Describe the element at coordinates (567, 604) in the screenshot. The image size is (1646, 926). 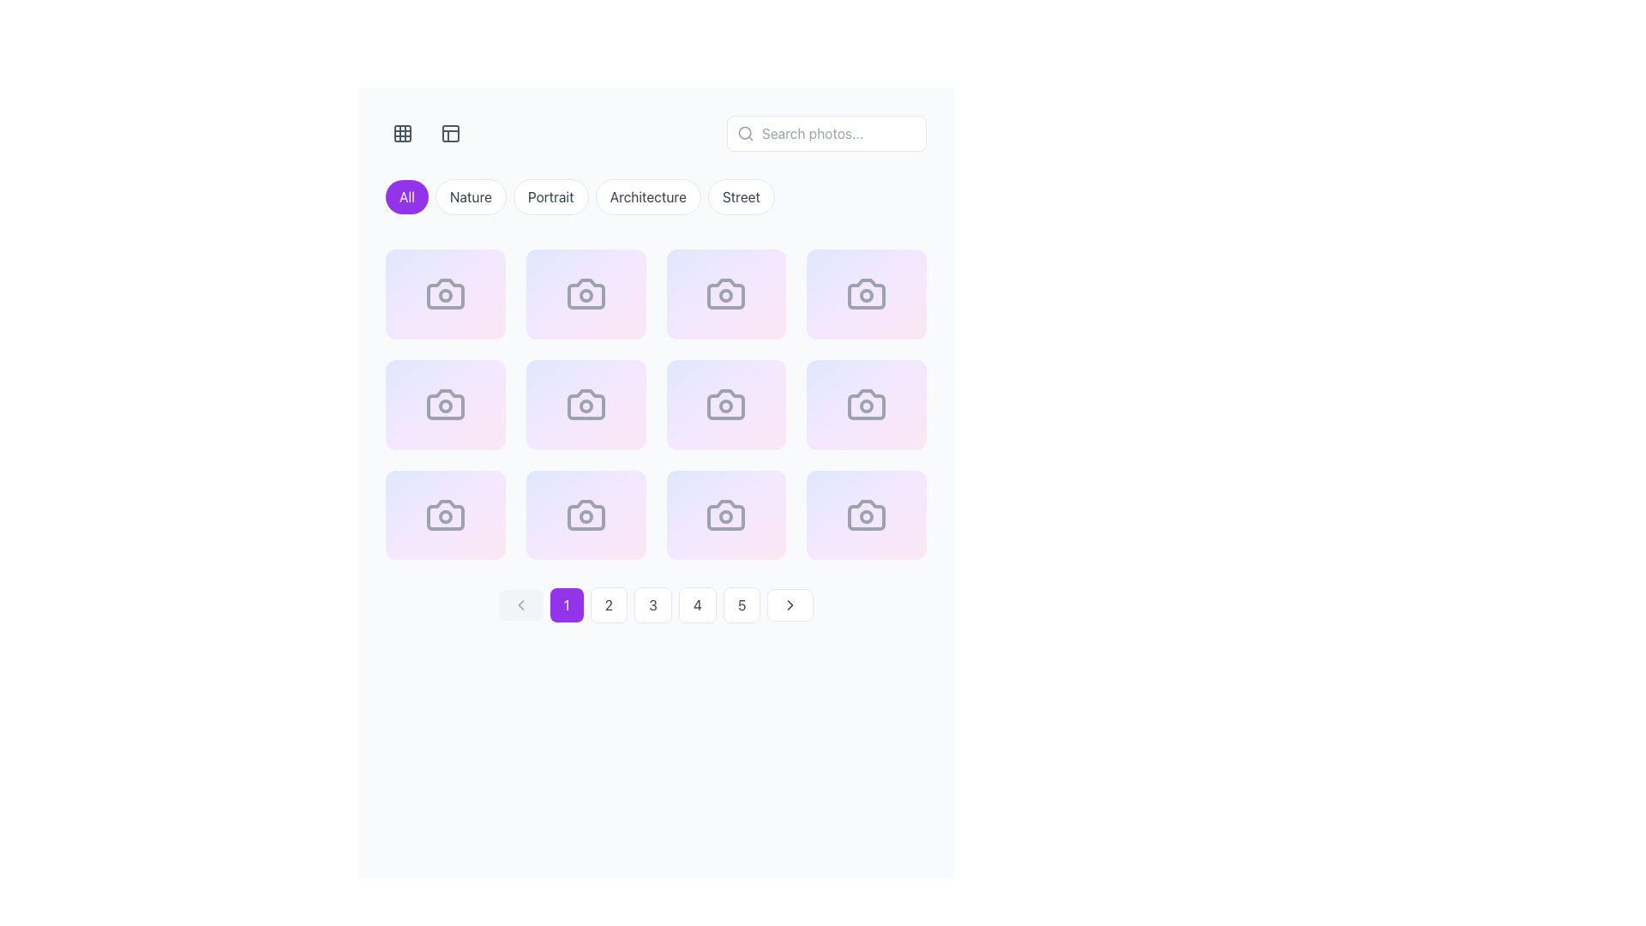
I see `the first pagination button` at that location.